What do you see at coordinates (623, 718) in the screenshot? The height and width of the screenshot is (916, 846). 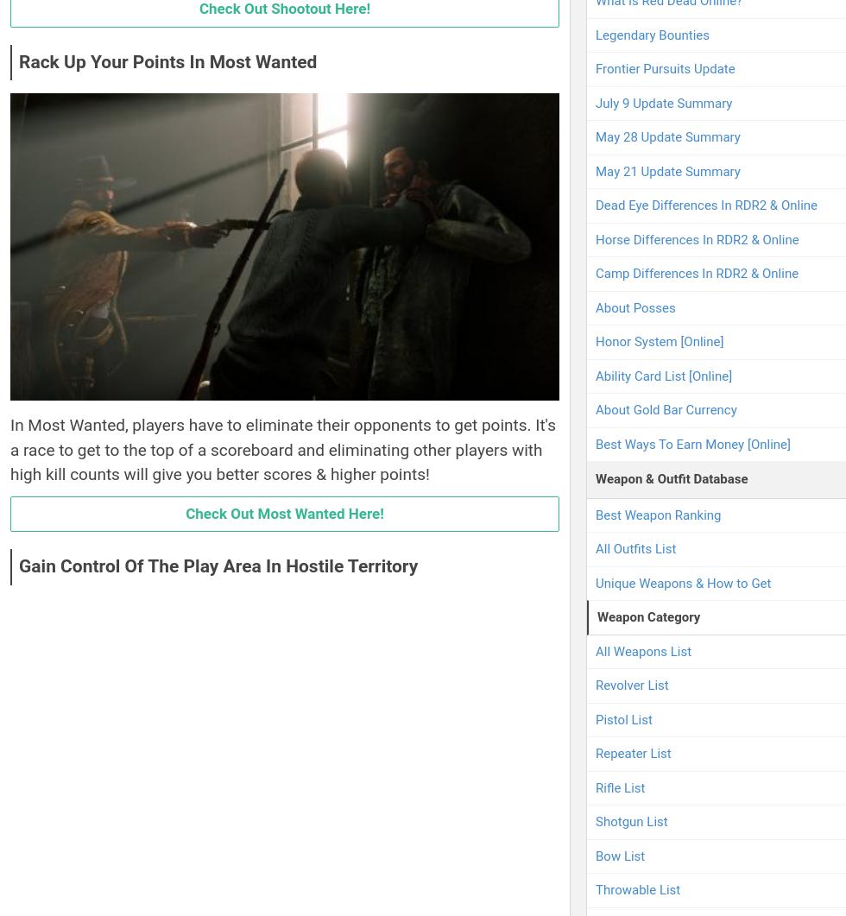 I see `'Pistol List'` at bounding box center [623, 718].